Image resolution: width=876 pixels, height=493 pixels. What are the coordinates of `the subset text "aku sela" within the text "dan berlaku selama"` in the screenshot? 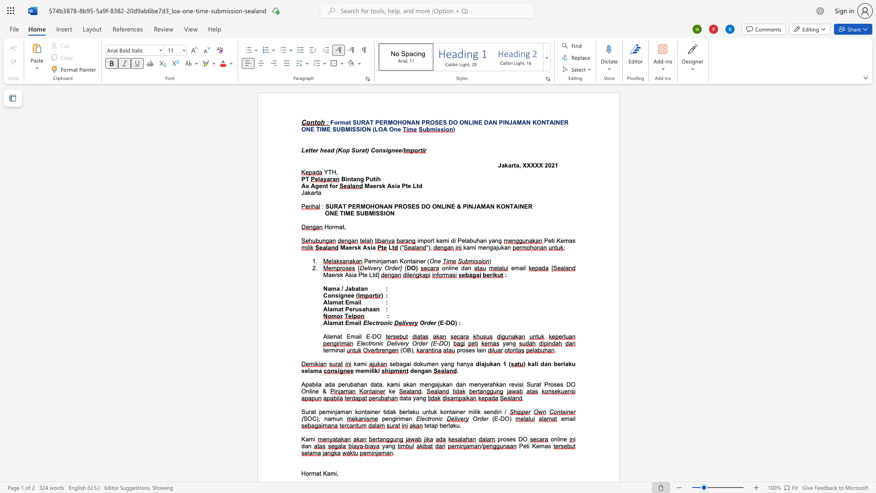 It's located at (564, 363).